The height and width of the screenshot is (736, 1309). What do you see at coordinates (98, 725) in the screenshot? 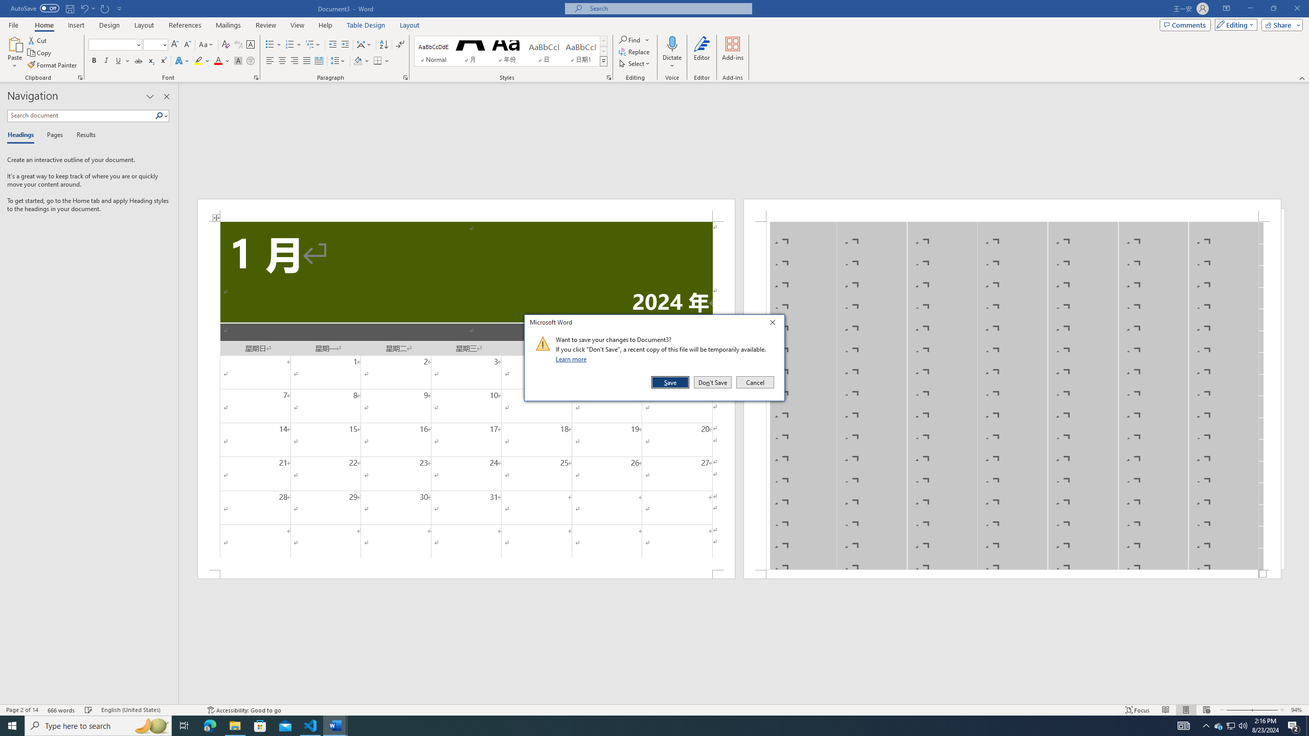
I see `'Type here to search'` at bounding box center [98, 725].